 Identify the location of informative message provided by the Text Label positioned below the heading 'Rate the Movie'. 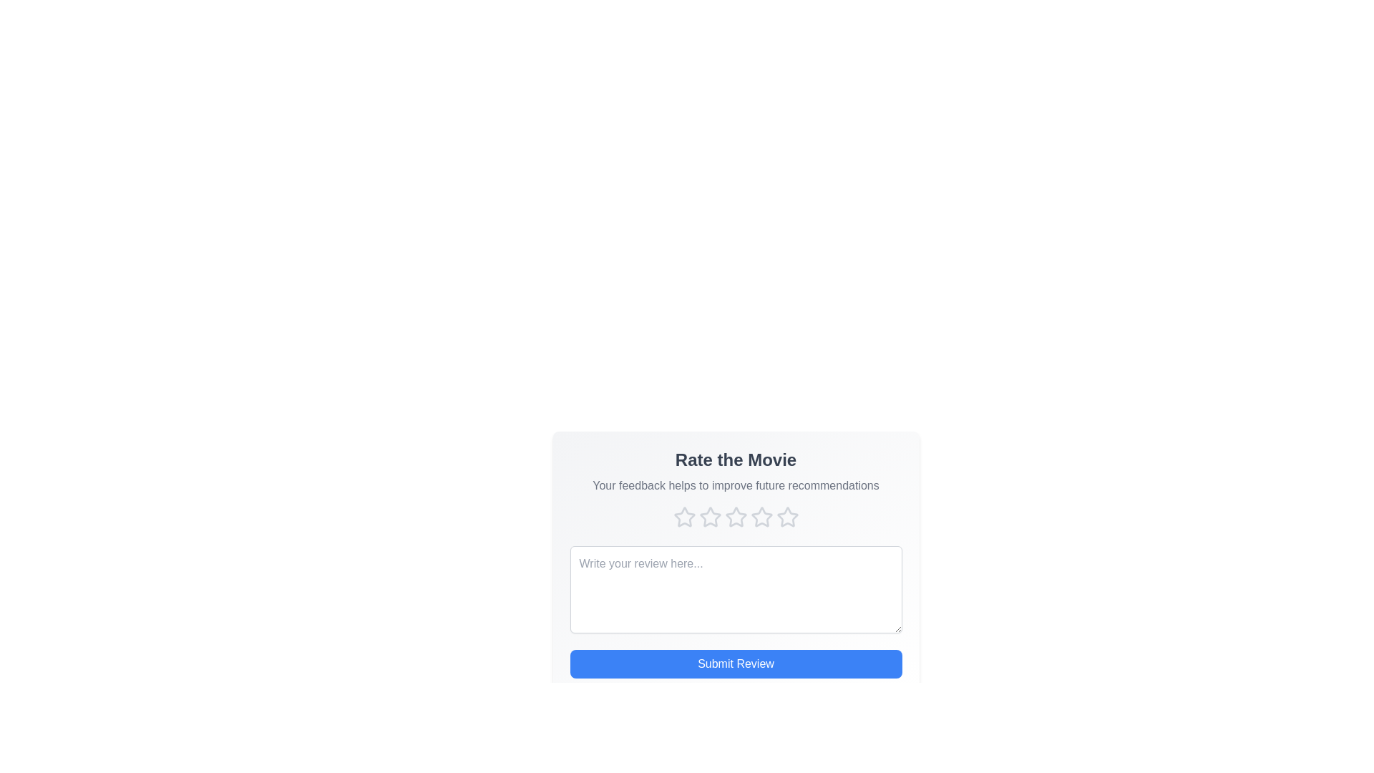
(736, 485).